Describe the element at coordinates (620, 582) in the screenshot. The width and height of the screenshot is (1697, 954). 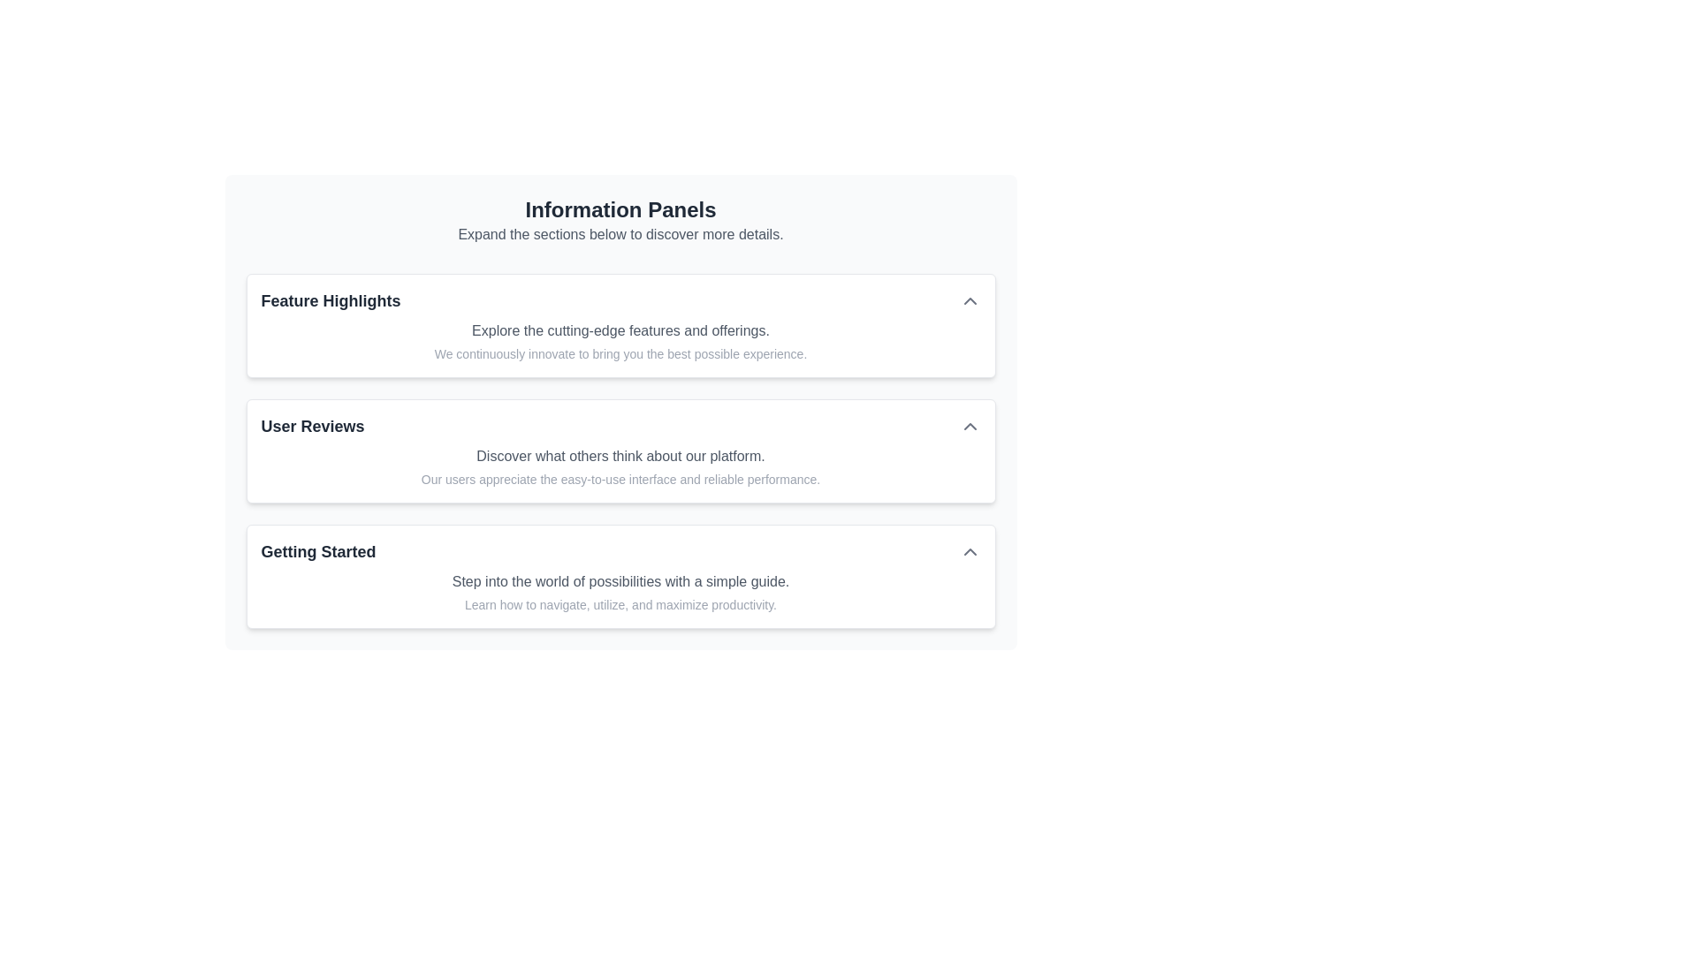
I see `the text block stating 'Step into the world of possibilities with a simple guide.' located below the title 'Getting Started'` at that location.